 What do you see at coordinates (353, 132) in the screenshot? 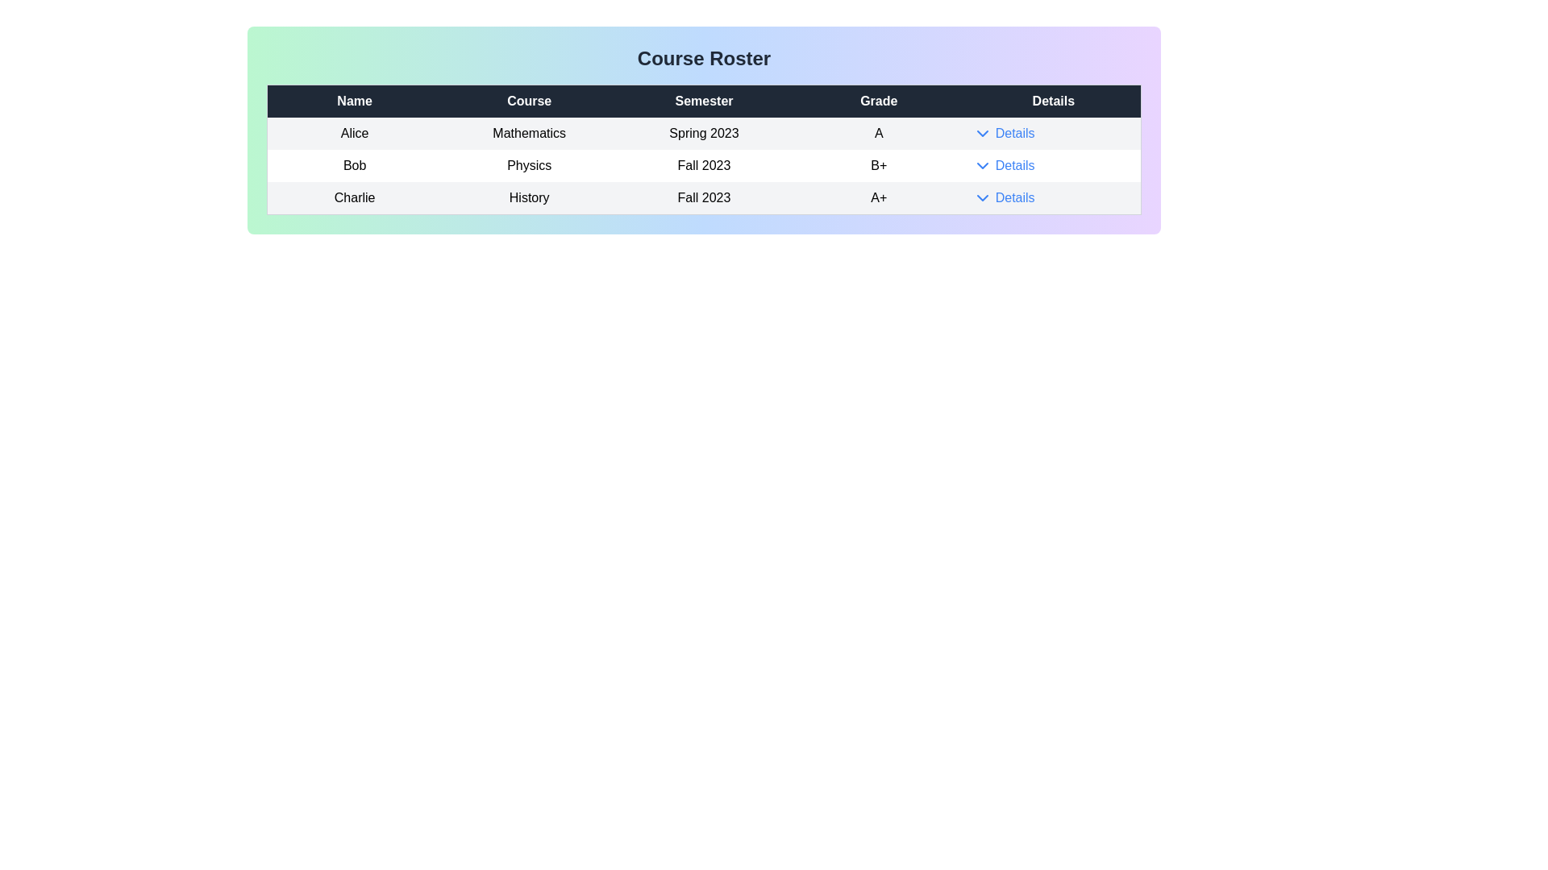
I see `the text label that reads 'Alice', which is centrally aligned in the first row of the table under the 'Name' column` at bounding box center [353, 132].